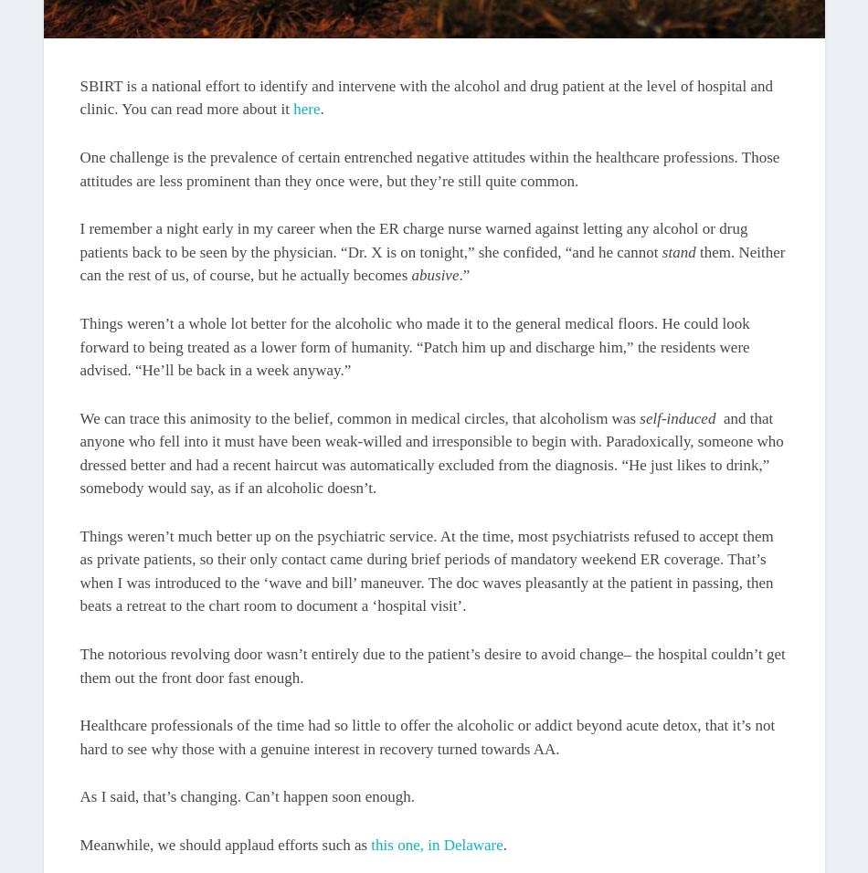  What do you see at coordinates (437, 845) in the screenshot?
I see `'this one, in Delaware'` at bounding box center [437, 845].